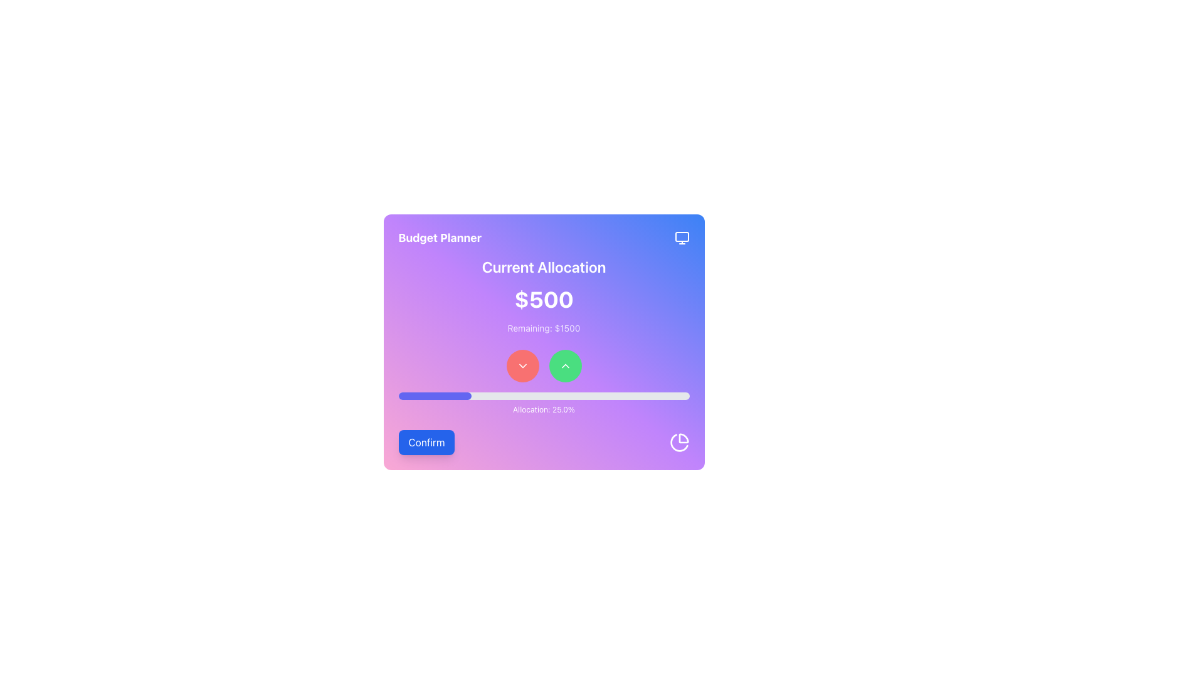 The width and height of the screenshot is (1204, 677). What do you see at coordinates (544, 396) in the screenshot?
I see `the percentage represented by the progress bar located at the bottom of the 'Current Allocation' card, right above the text 'Allocation: 25.0%'` at bounding box center [544, 396].